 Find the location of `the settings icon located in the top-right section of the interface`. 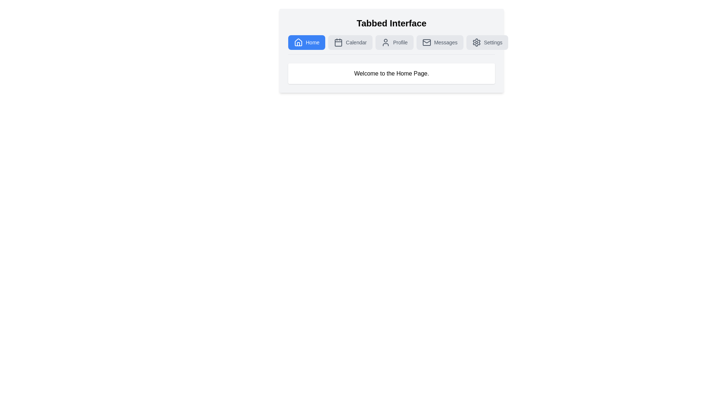

the settings icon located in the top-right section of the interface is located at coordinates (476, 42).